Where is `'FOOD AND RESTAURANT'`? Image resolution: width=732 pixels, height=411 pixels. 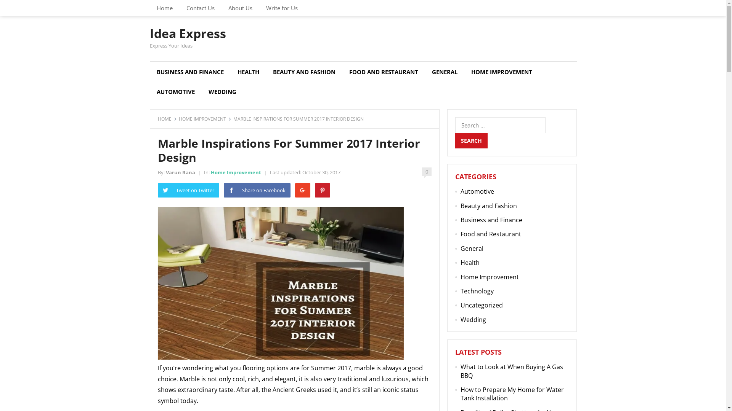
'FOOD AND RESTAURANT' is located at coordinates (384, 72).